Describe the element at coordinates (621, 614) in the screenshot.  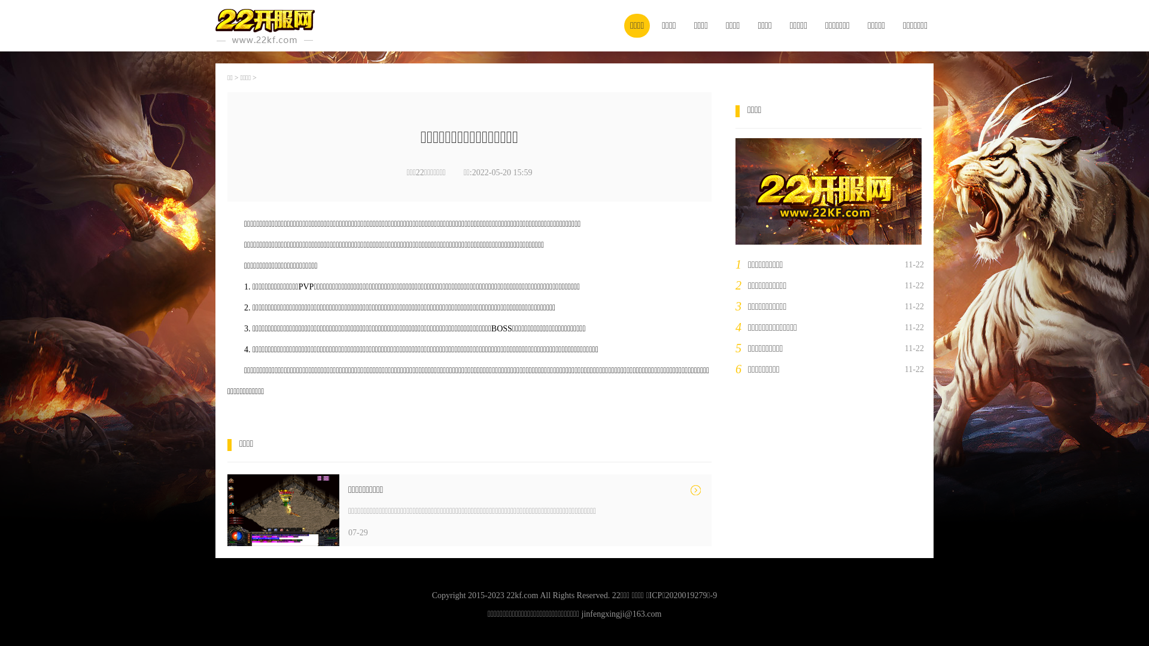
I see `'jinfengxingji@163.com'` at that location.